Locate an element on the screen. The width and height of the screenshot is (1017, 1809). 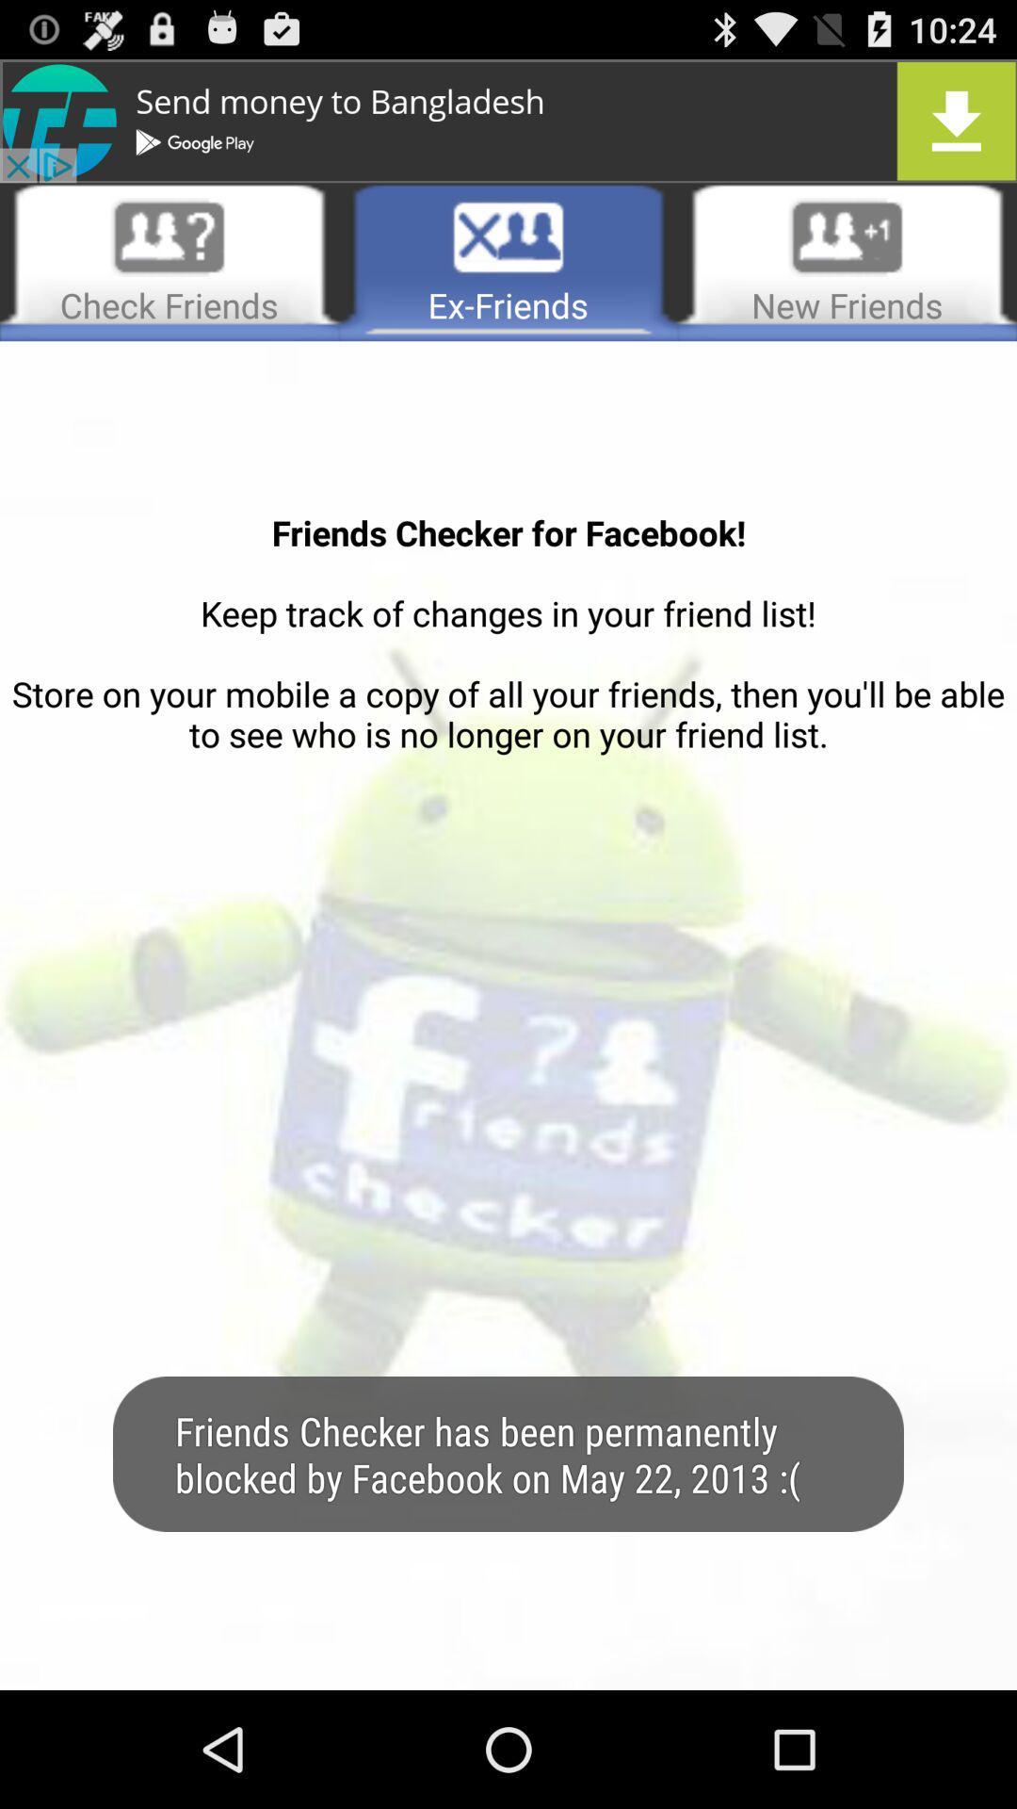
advertisement is located at coordinates (508, 120).